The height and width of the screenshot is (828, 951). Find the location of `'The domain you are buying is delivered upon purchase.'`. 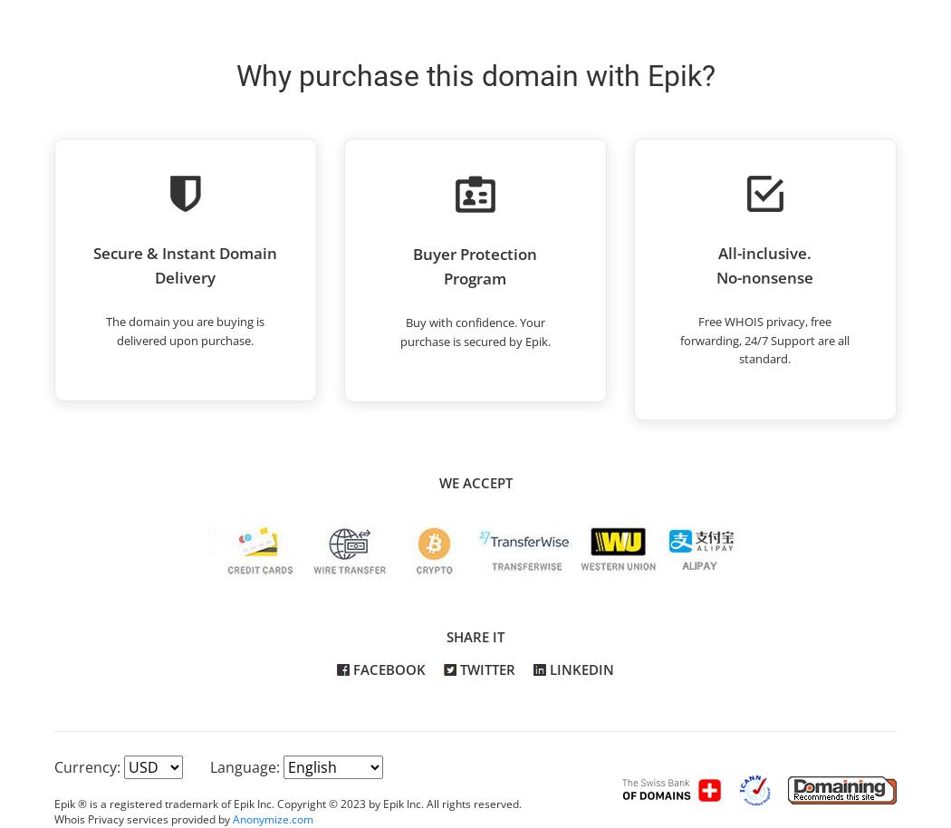

'The domain you are buying is delivered upon purchase.' is located at coordinates (184, 329).